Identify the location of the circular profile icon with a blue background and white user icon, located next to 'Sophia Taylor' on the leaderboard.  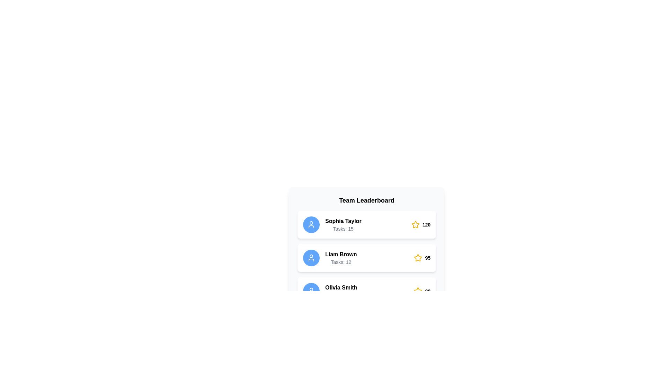
(311, 224).